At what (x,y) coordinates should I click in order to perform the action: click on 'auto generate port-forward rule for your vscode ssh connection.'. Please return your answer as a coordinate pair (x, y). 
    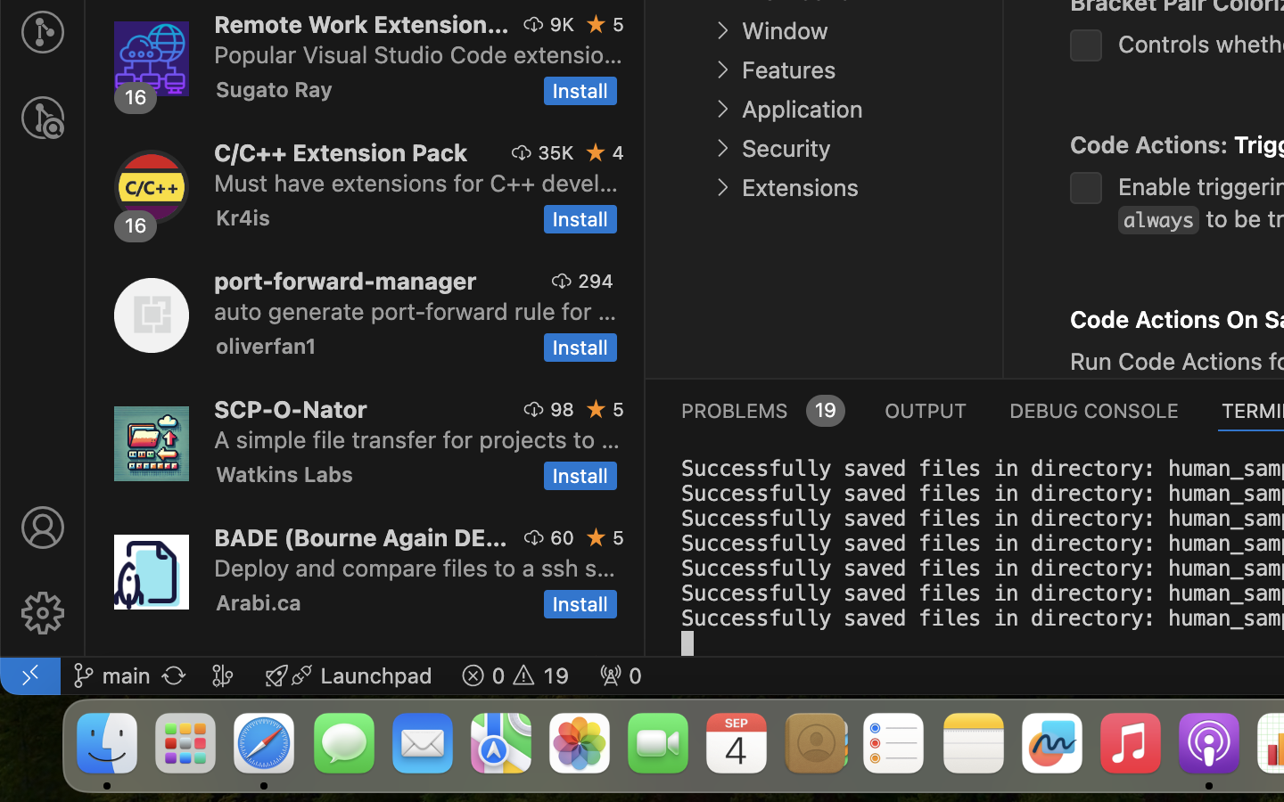
    Looking at the image, I should click on (415, 311).